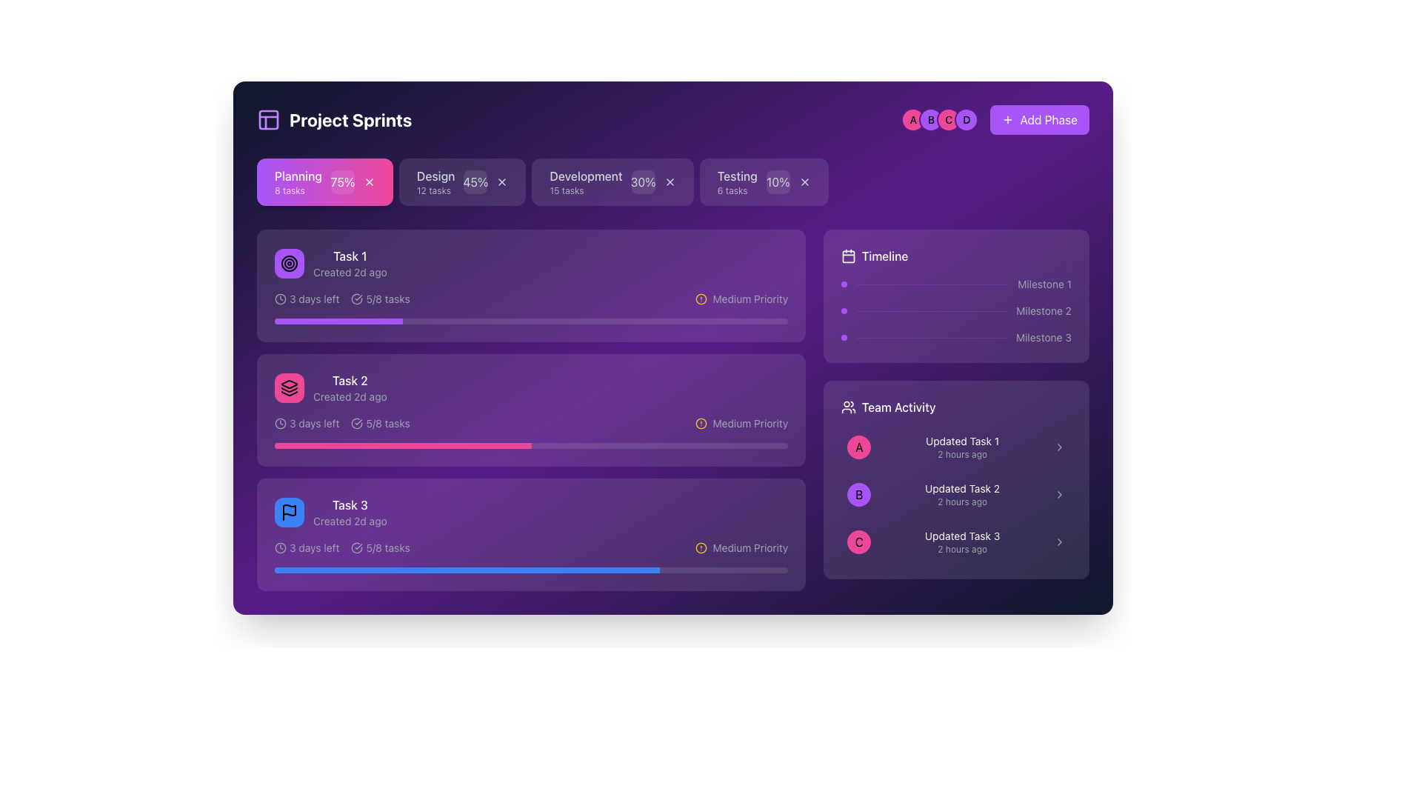 This screenshot has height=800, width=1422. Describe the element at coordinates (750, 423) in the screenshot. I see `displayed text 'Medium Priority' from the text label located on a purple background, positioned to the right of a circular amber warning icon` at that location.